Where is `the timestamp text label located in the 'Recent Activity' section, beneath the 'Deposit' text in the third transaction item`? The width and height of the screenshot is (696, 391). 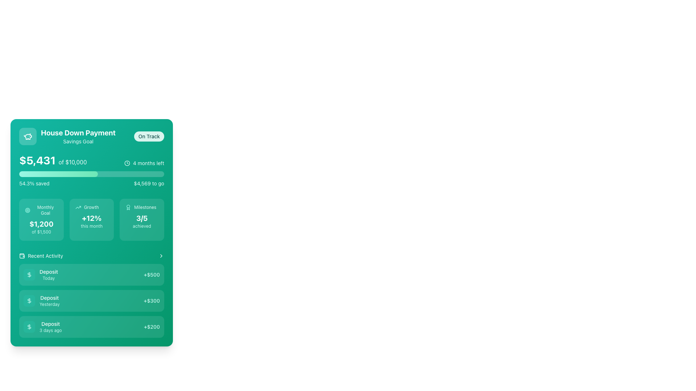
the timestamp text label located in the 'Recent Activity' section, beneath the 'Deposit' text in the third transaction item is located at coordinates (50, 331).